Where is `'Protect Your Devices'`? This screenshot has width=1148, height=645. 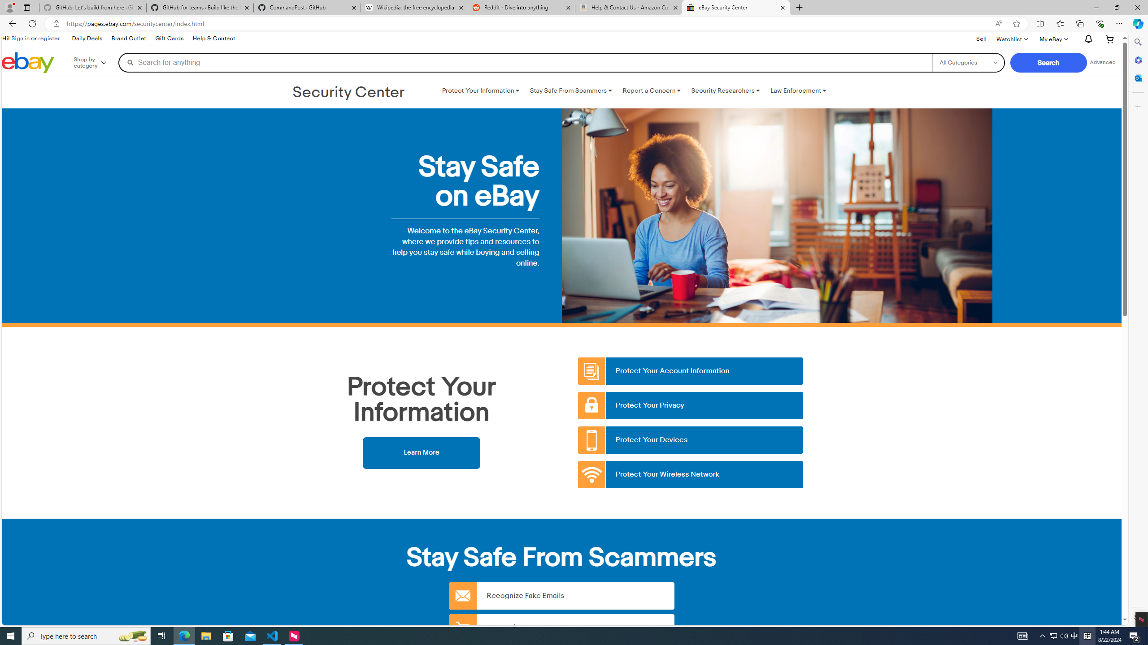
'Protect Your Devices' is located at coordinates (691, 439).